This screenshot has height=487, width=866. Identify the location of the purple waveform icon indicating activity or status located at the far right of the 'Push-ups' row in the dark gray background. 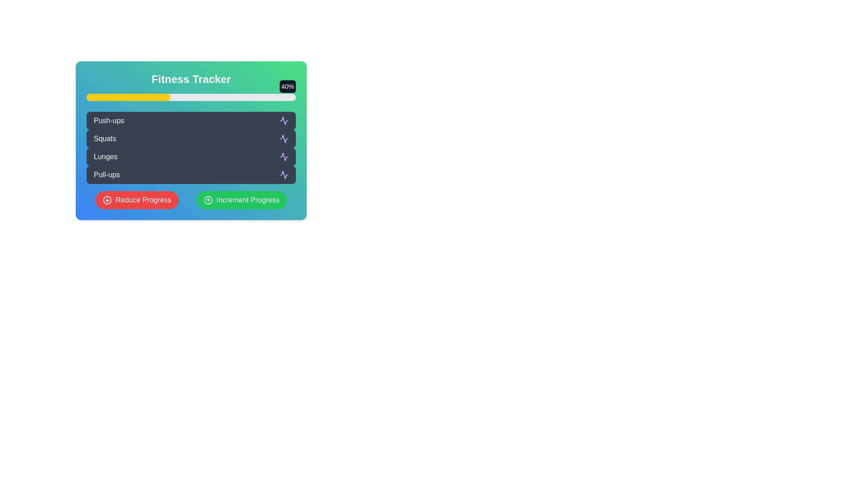
(283, 120).